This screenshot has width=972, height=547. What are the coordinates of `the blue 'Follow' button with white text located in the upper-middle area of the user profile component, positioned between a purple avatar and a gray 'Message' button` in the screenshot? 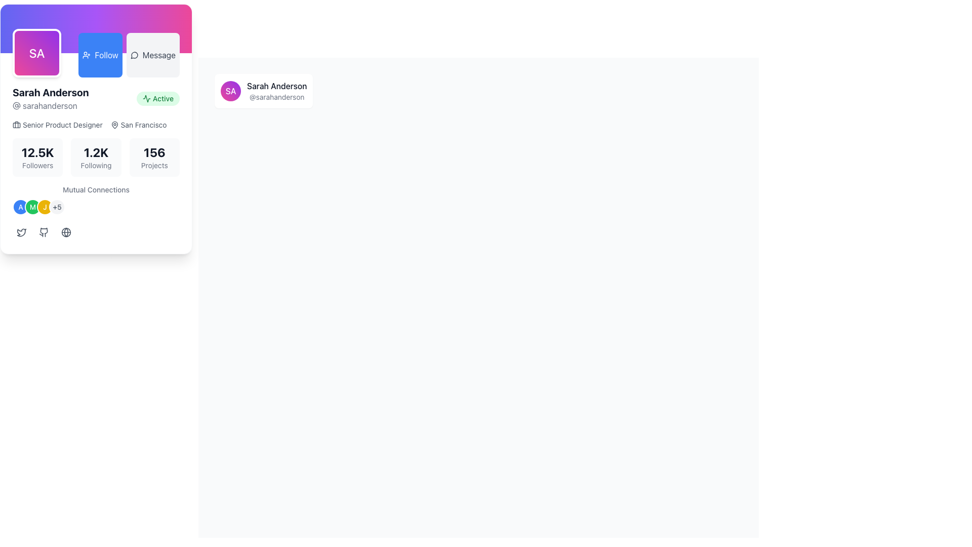 It's located at (96, 53).